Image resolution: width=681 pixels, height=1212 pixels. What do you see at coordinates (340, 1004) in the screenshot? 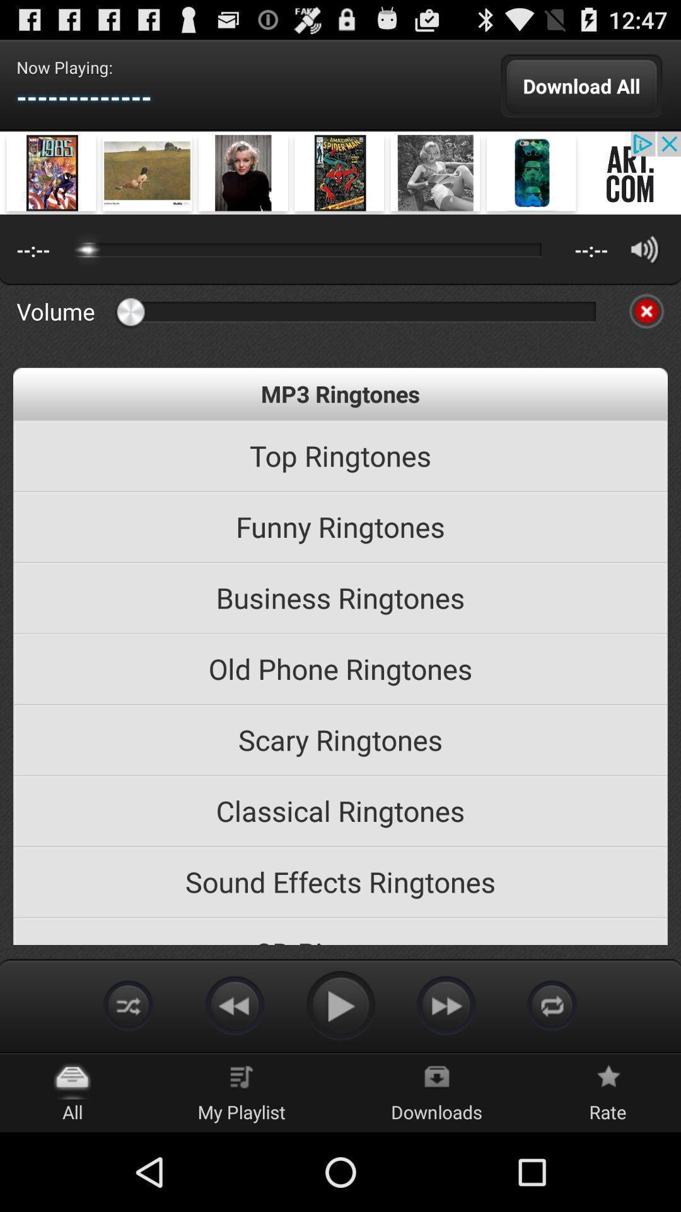
I see `option` at bounding box center [340, 1004].